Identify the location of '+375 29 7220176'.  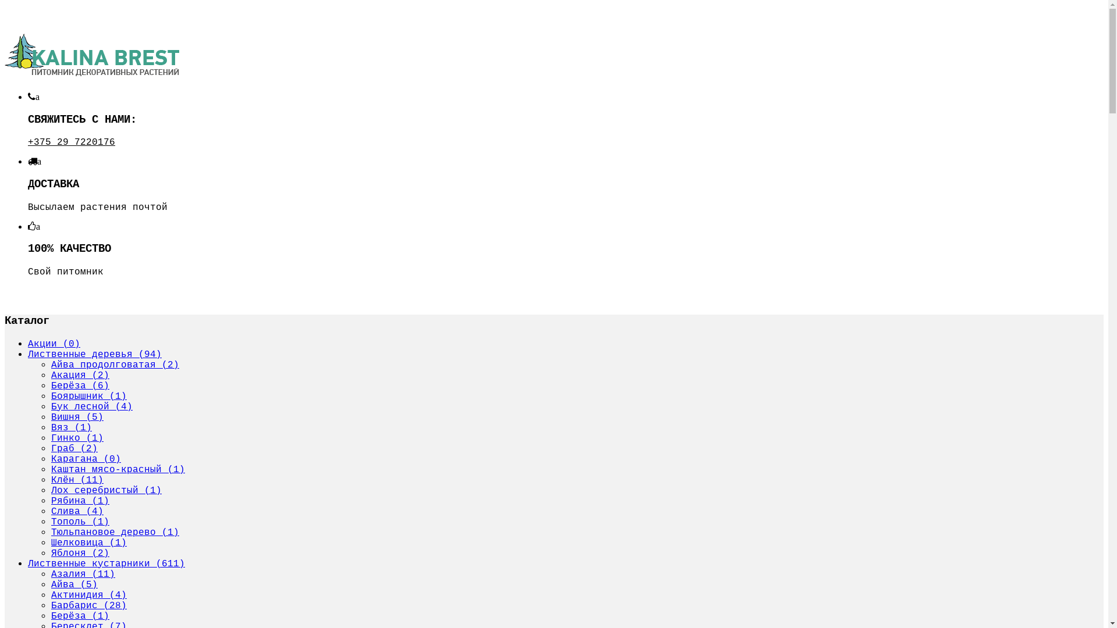
(28, 141).